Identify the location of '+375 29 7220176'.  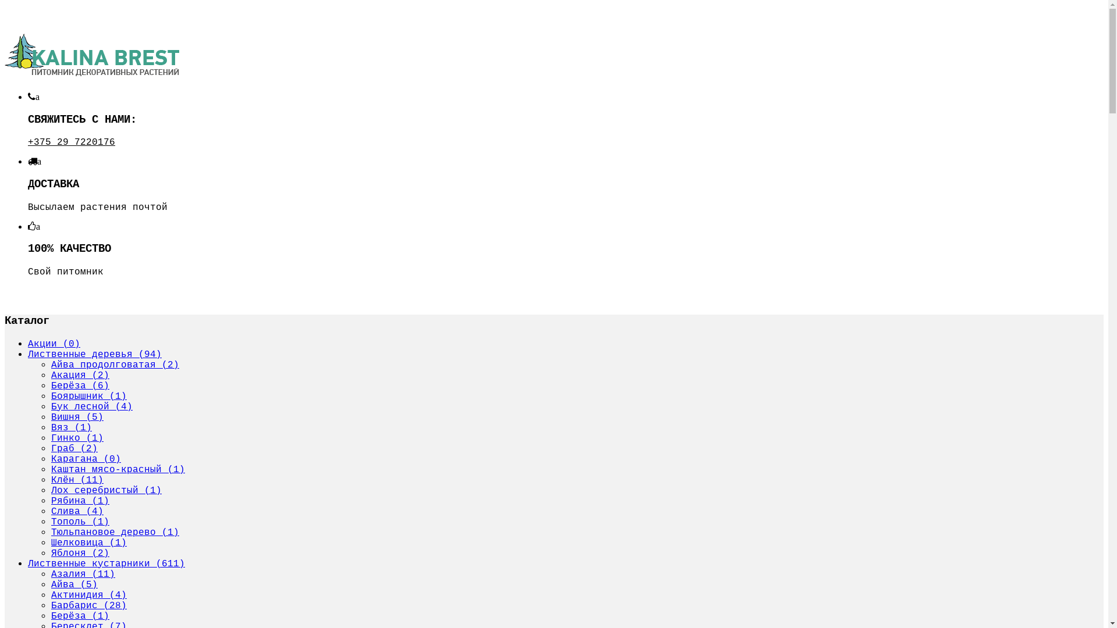
(28, 141).